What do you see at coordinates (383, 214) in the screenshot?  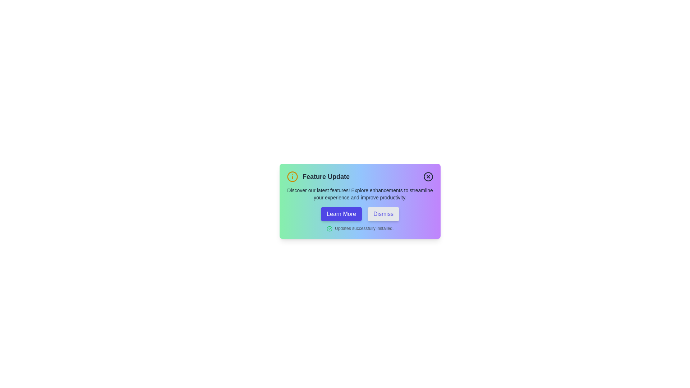 I see `the button labeled Dismiss to observe its hover effect` at bounding box center [383, 214].